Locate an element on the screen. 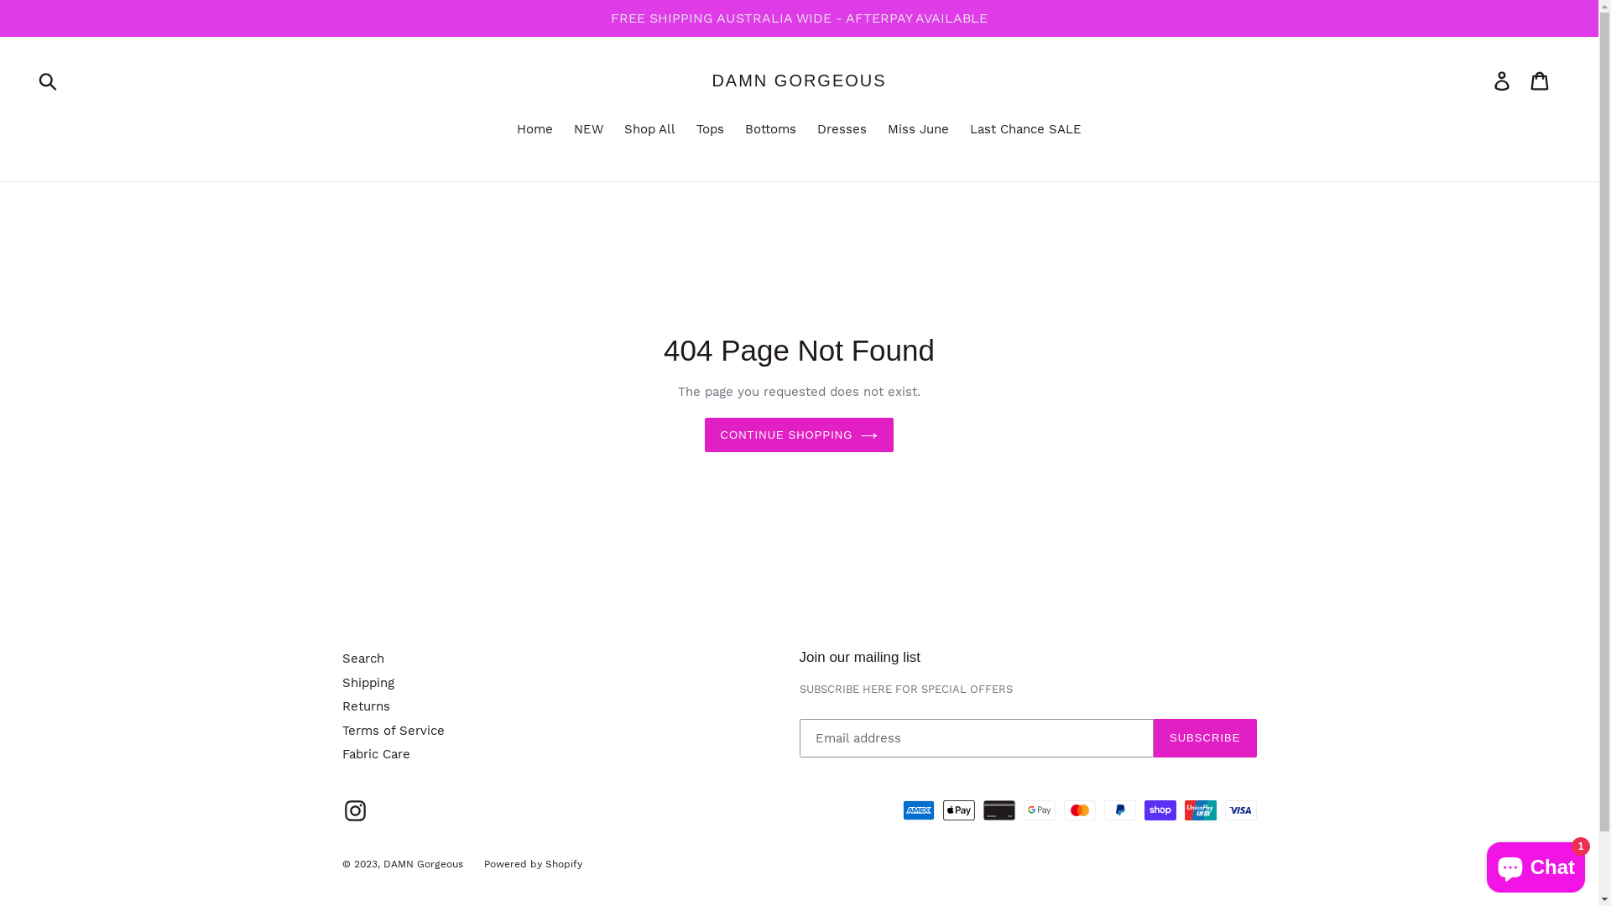 This screenshot has height=906, width=1611. 'Fabric Care' is located at coordinates (341, 752).